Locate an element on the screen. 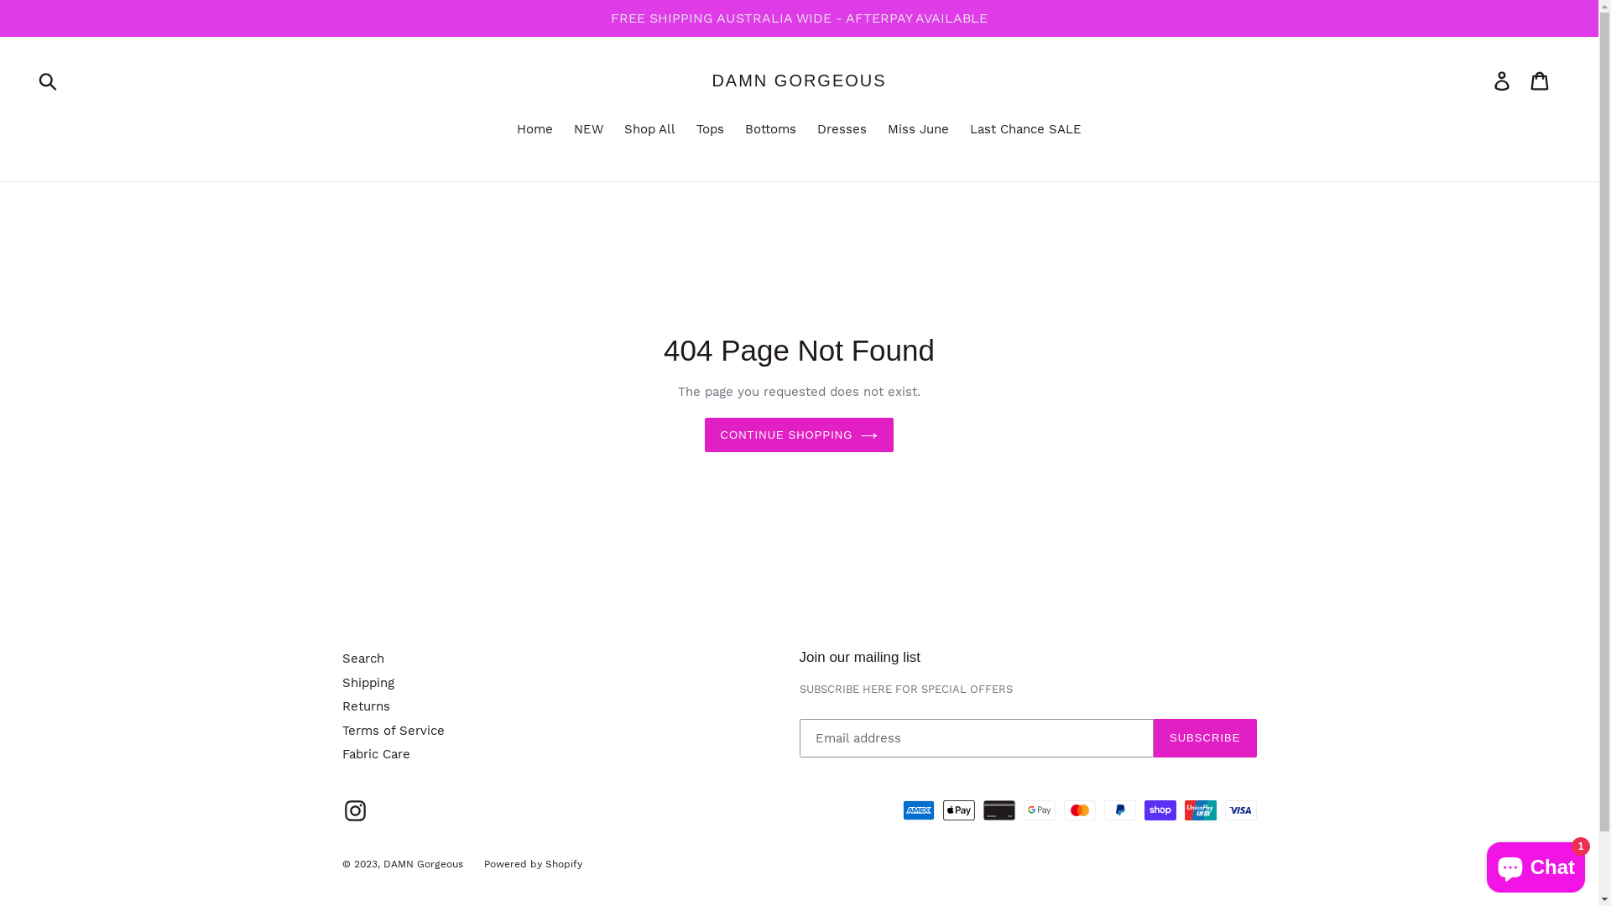 This screenshot has height=906, width=1611. 'Fabric Care' is located at coordinates (341, 752).